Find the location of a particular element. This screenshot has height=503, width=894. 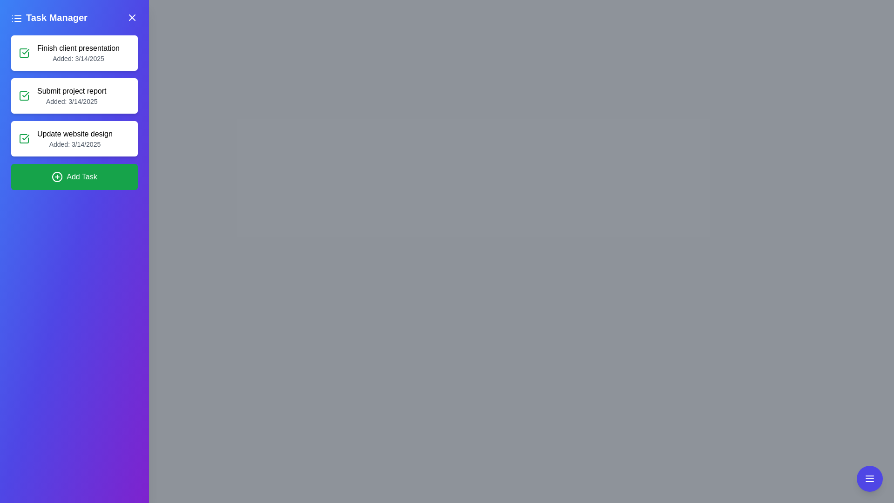

the small, square-shaped button with a white 'X' icon in the top-right corner of the 'Task Manager' header section is located at coordinates (131, 18).